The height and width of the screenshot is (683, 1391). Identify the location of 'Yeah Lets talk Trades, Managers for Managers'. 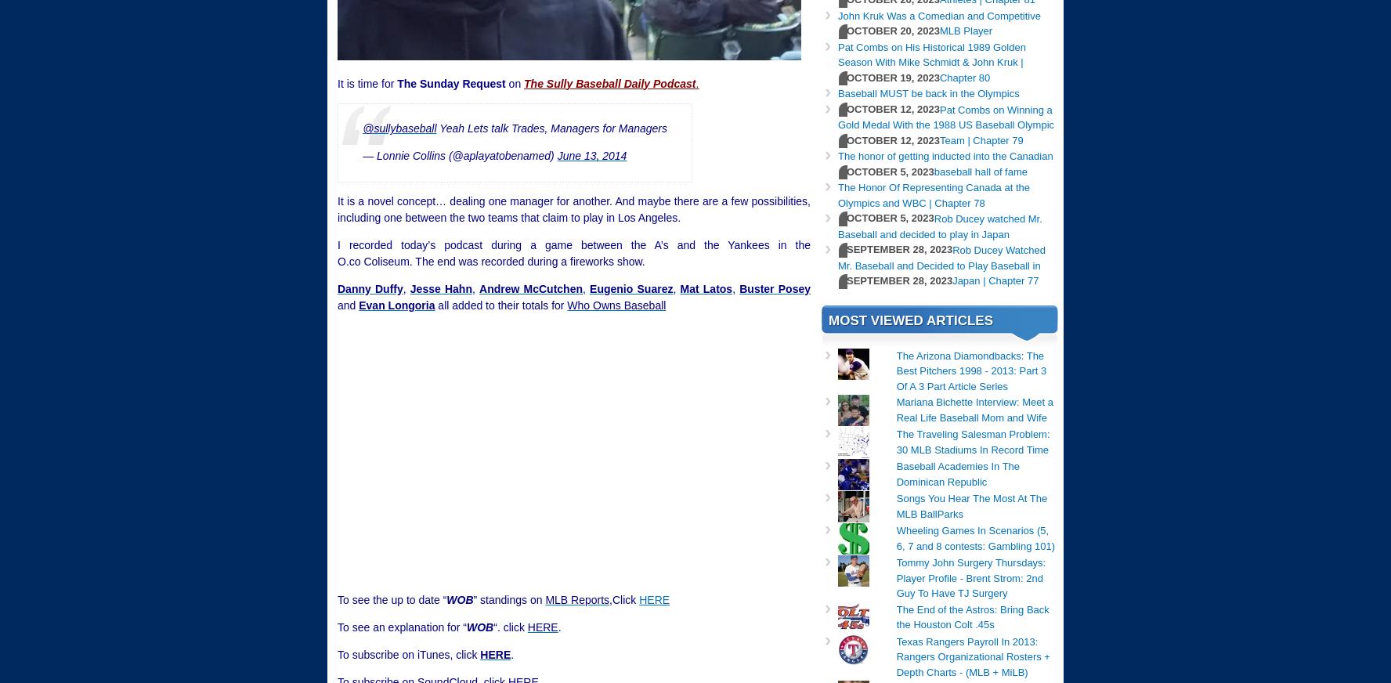
(551, 128).